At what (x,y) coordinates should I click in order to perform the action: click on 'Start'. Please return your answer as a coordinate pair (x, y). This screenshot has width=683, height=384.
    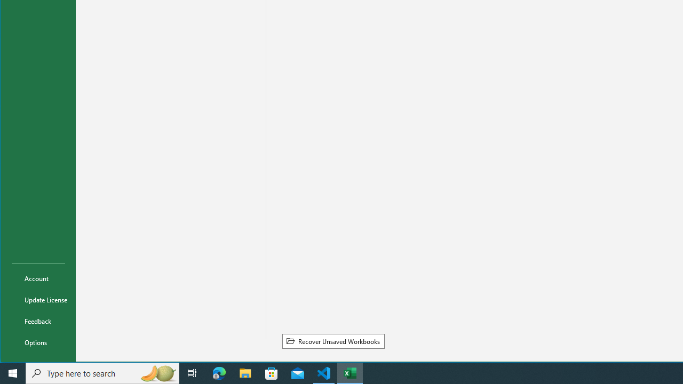
    Looking at the image, I should click on (13, 372).